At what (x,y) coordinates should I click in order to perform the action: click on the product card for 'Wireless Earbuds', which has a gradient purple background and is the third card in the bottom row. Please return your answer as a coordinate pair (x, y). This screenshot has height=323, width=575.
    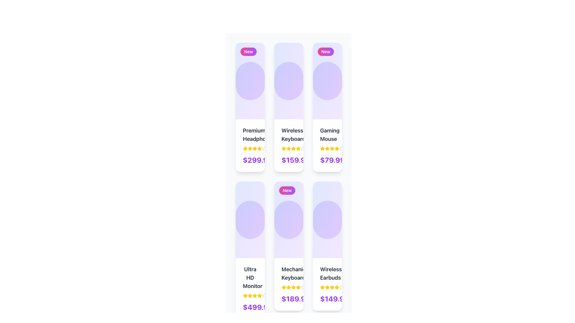
    Looking at the image, I should click on (327, 246).